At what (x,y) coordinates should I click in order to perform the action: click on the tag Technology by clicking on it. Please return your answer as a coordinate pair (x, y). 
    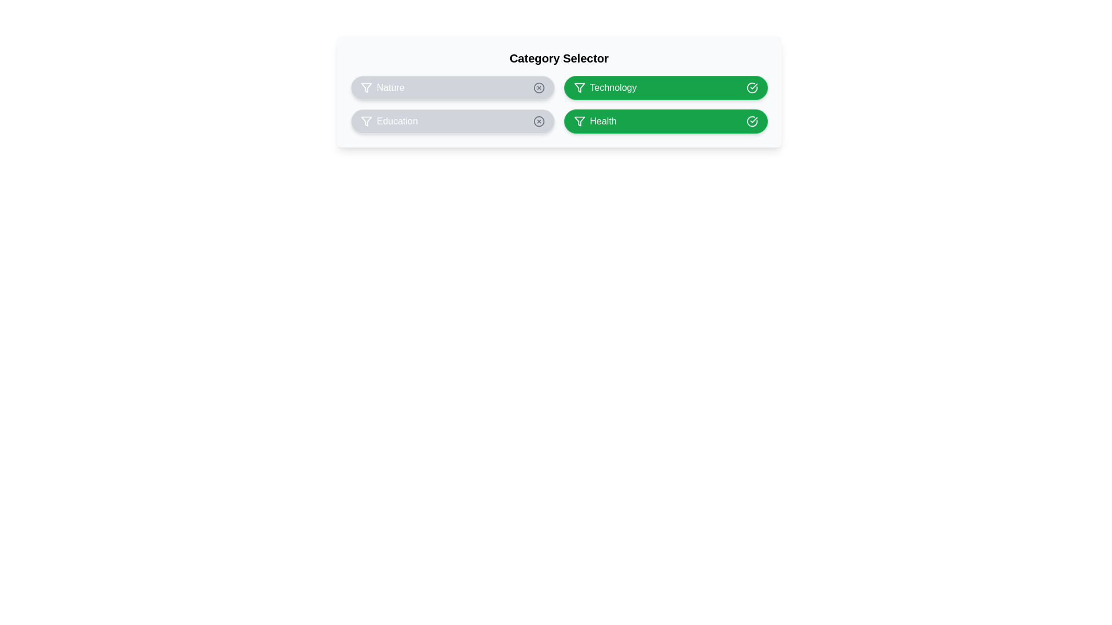
    Looking at the image, I should click on (665, 87).